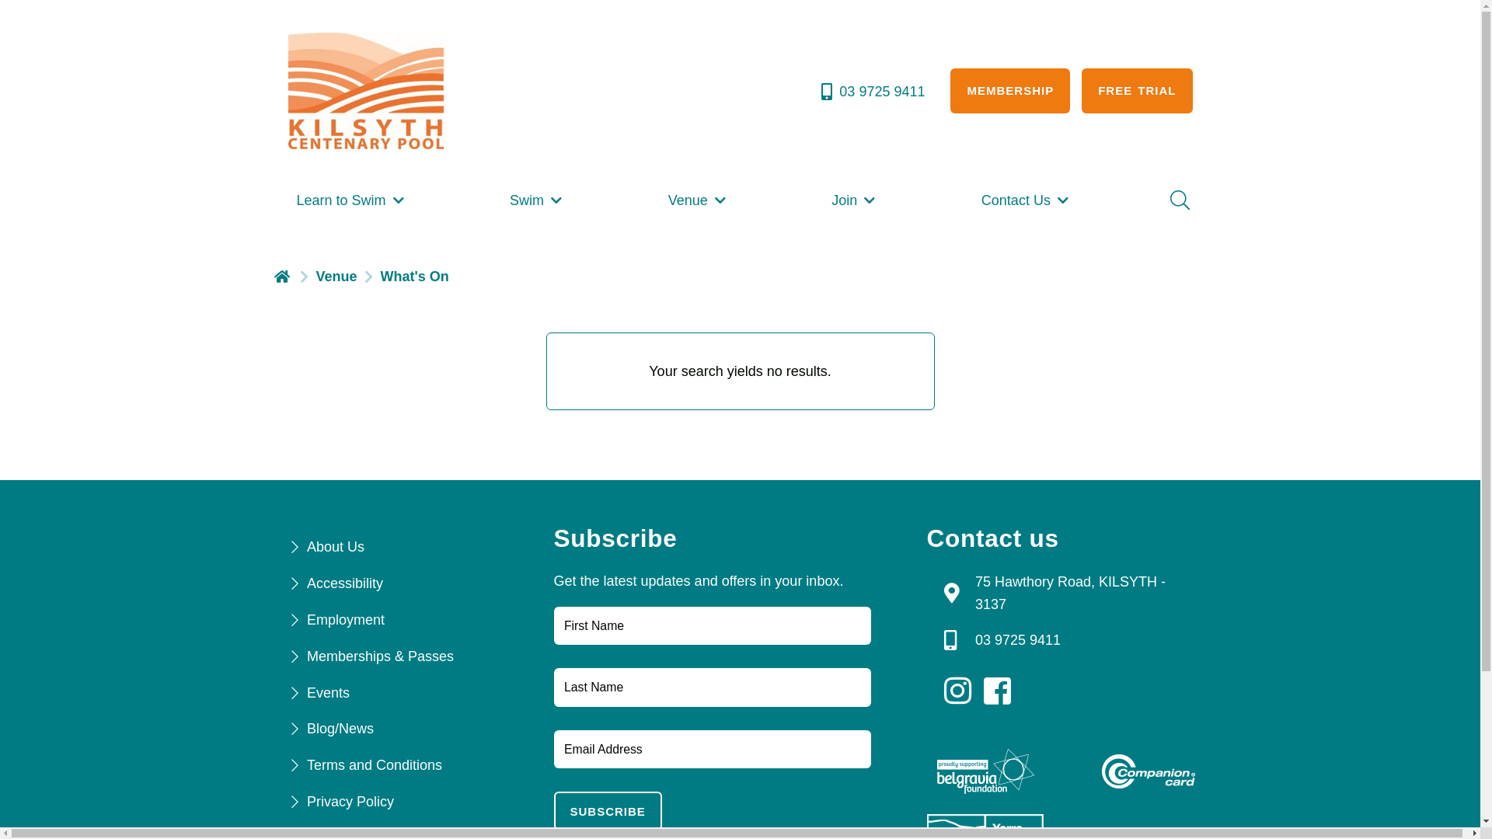  Describe the element at coordinates (350, 200) in the screenshot. I see `'Learn to Swim'` at that location.